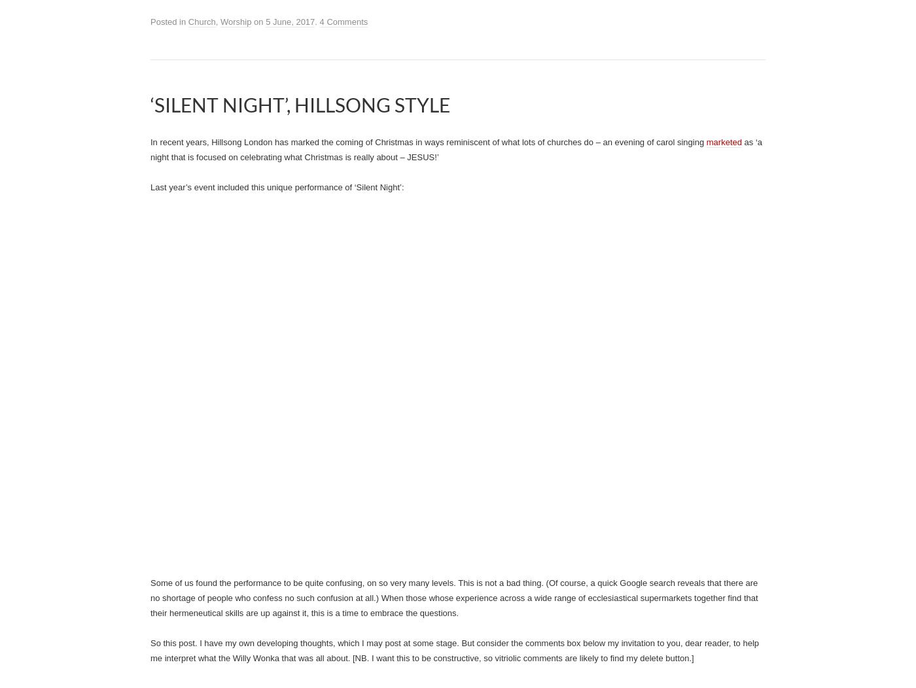 This screenshot has height=688, width=916. What do you see at coordinates (217, 22) in the screenshot?
I see `','` at bounding box center [217, 22].